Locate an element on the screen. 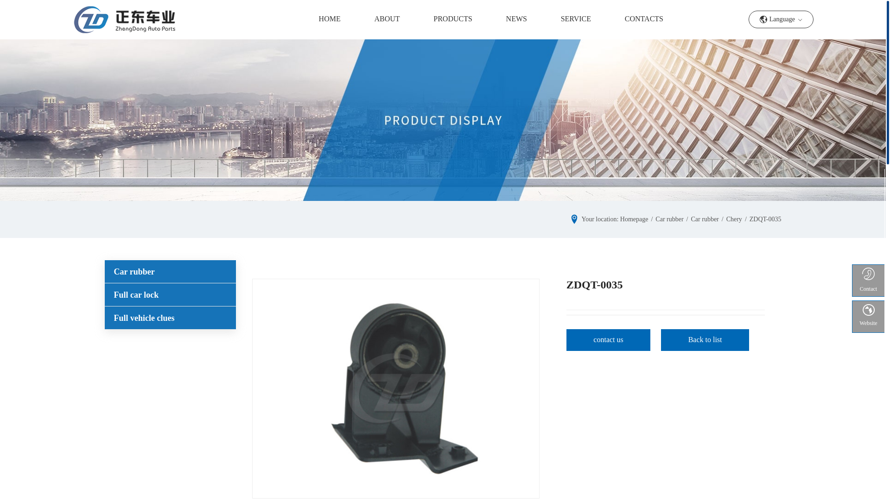 This screenshot has width=890, height=500. 'imgboxbg' is located at coordinates (442, 119).